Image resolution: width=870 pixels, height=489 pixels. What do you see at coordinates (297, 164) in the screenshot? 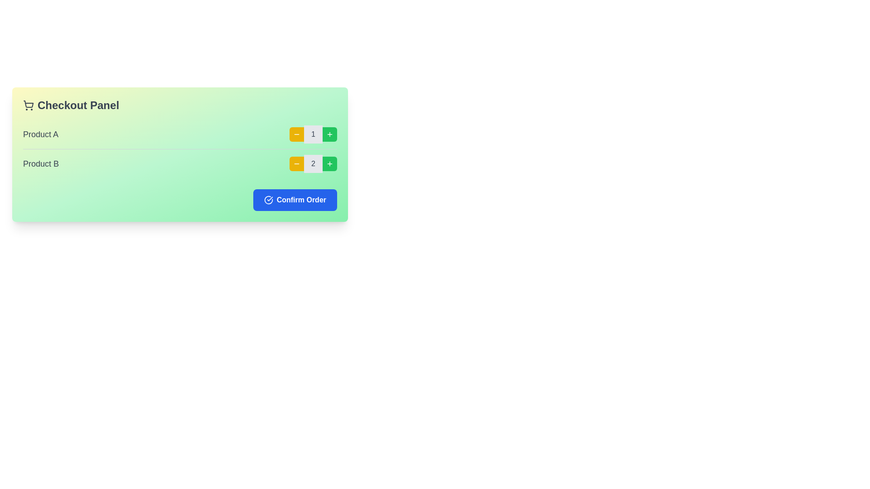
I see `the decrease quantity button located to the left of the numeric field for 'Product B'` at bounding box center [297, 164].